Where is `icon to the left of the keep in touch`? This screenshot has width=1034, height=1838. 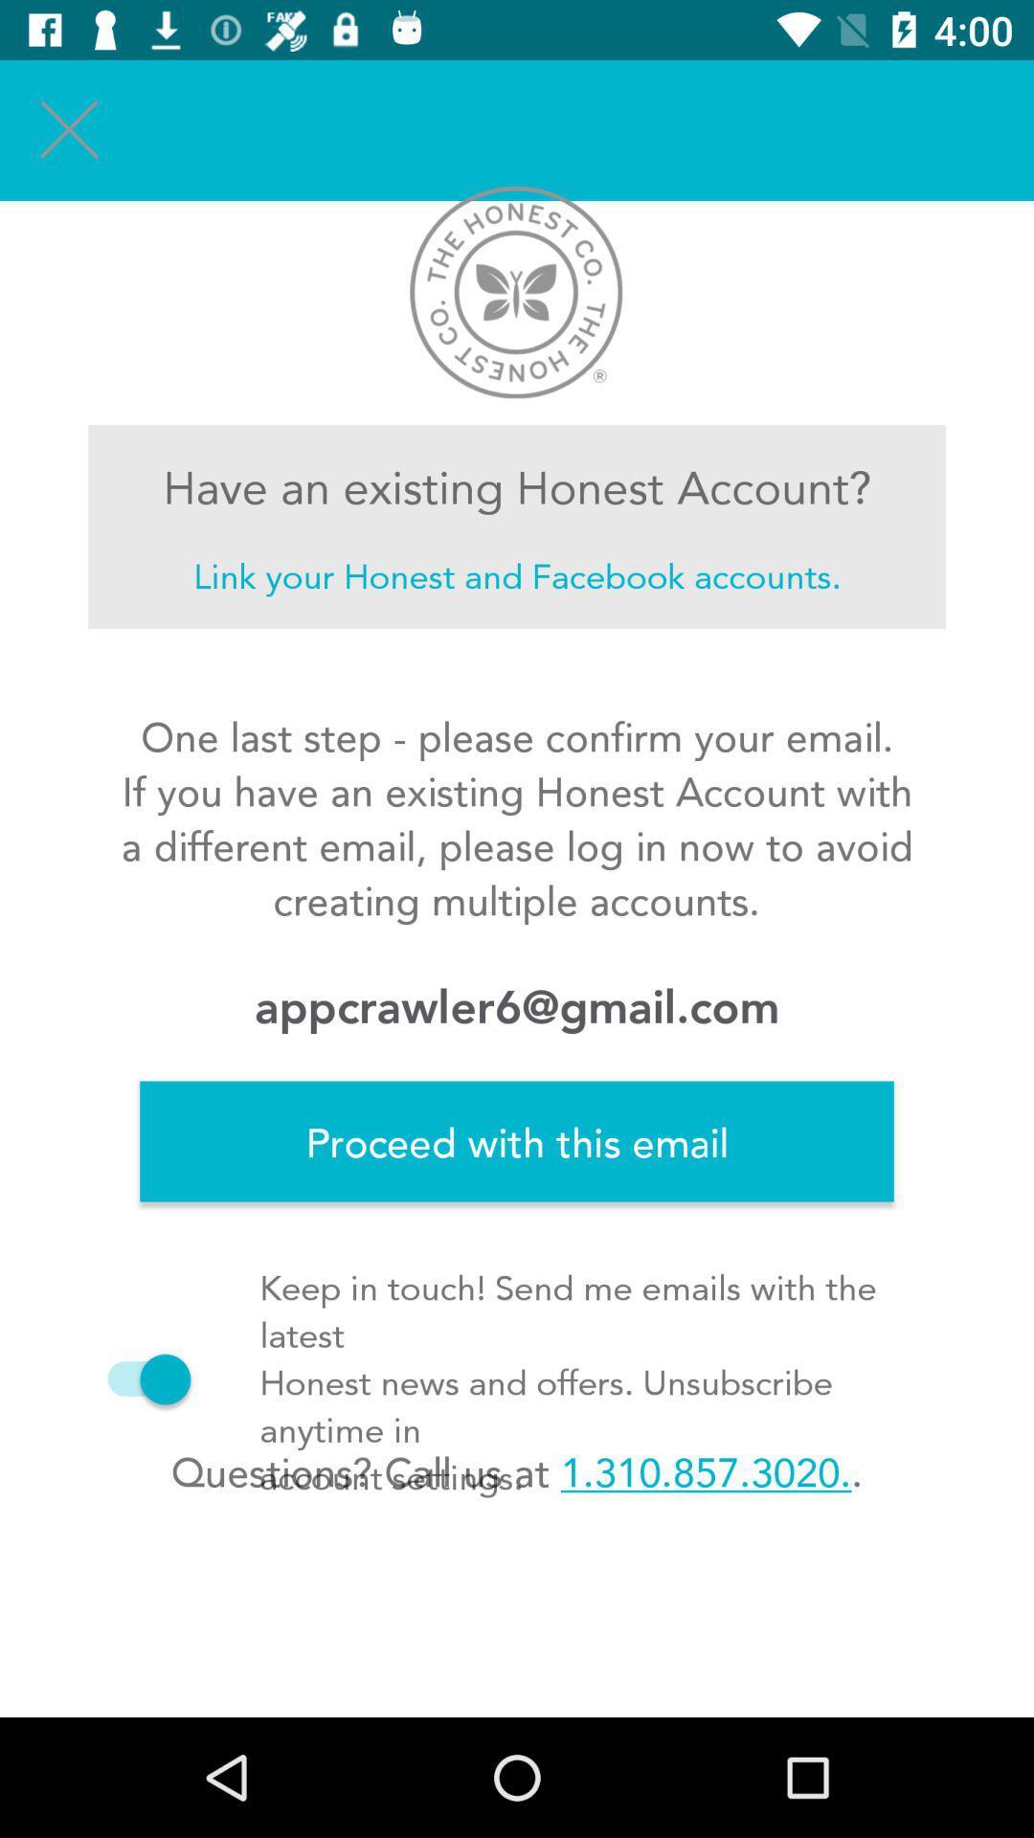 icon to the left of the keep in touch is located at coordinates (139, 1378).